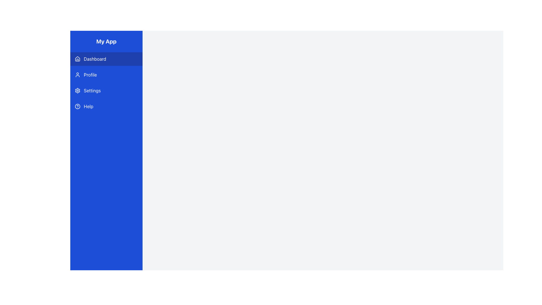  I want to click on the SVG Circle element that represents the 'Help' menu icon, so click(77, 106).